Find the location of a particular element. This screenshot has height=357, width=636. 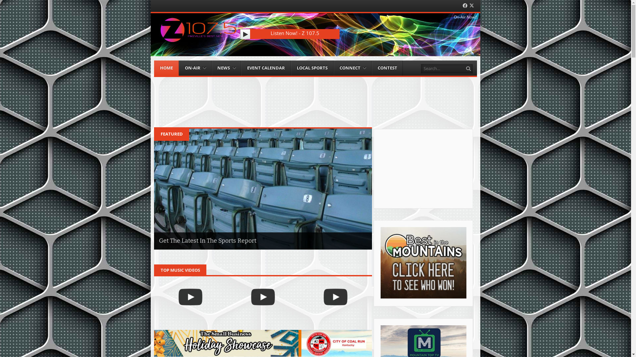

'ON-AIR' is located at coordinates (195, 68).